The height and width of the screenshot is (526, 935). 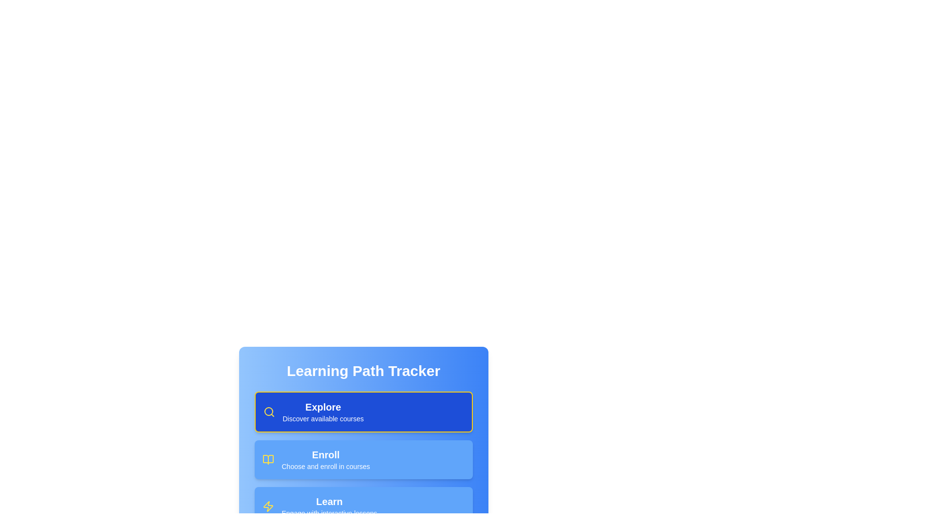 What do you see at coordinates (326, 454) in the screenshot?
I see `the 'Enroll' text label` at bounding box center [326, 454].